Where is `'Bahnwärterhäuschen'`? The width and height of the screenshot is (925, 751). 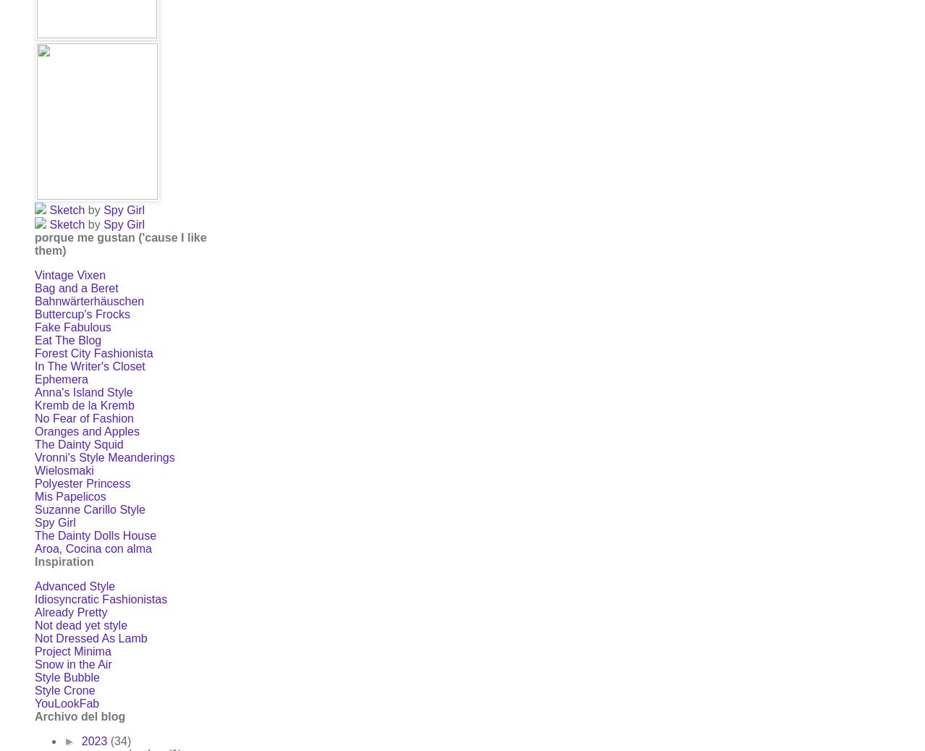
'Bahnwärterhäuschen' is located at coordinates (88, 301).